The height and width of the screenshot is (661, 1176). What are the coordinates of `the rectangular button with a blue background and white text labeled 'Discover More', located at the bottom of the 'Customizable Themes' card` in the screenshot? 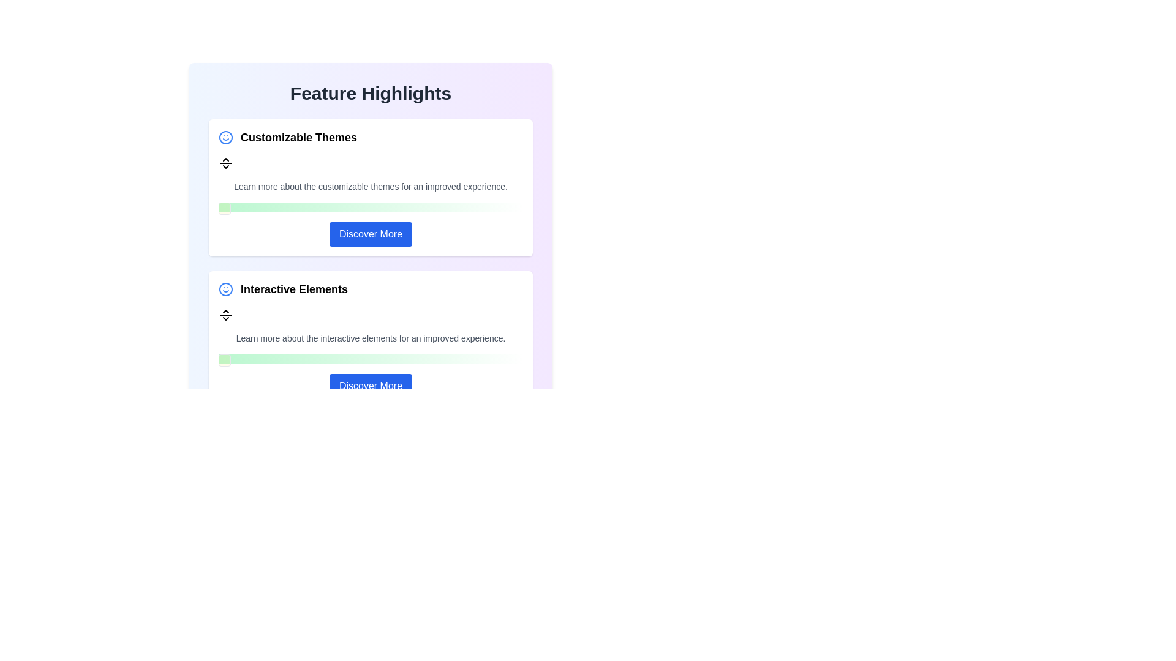 It's located at (370, 234).